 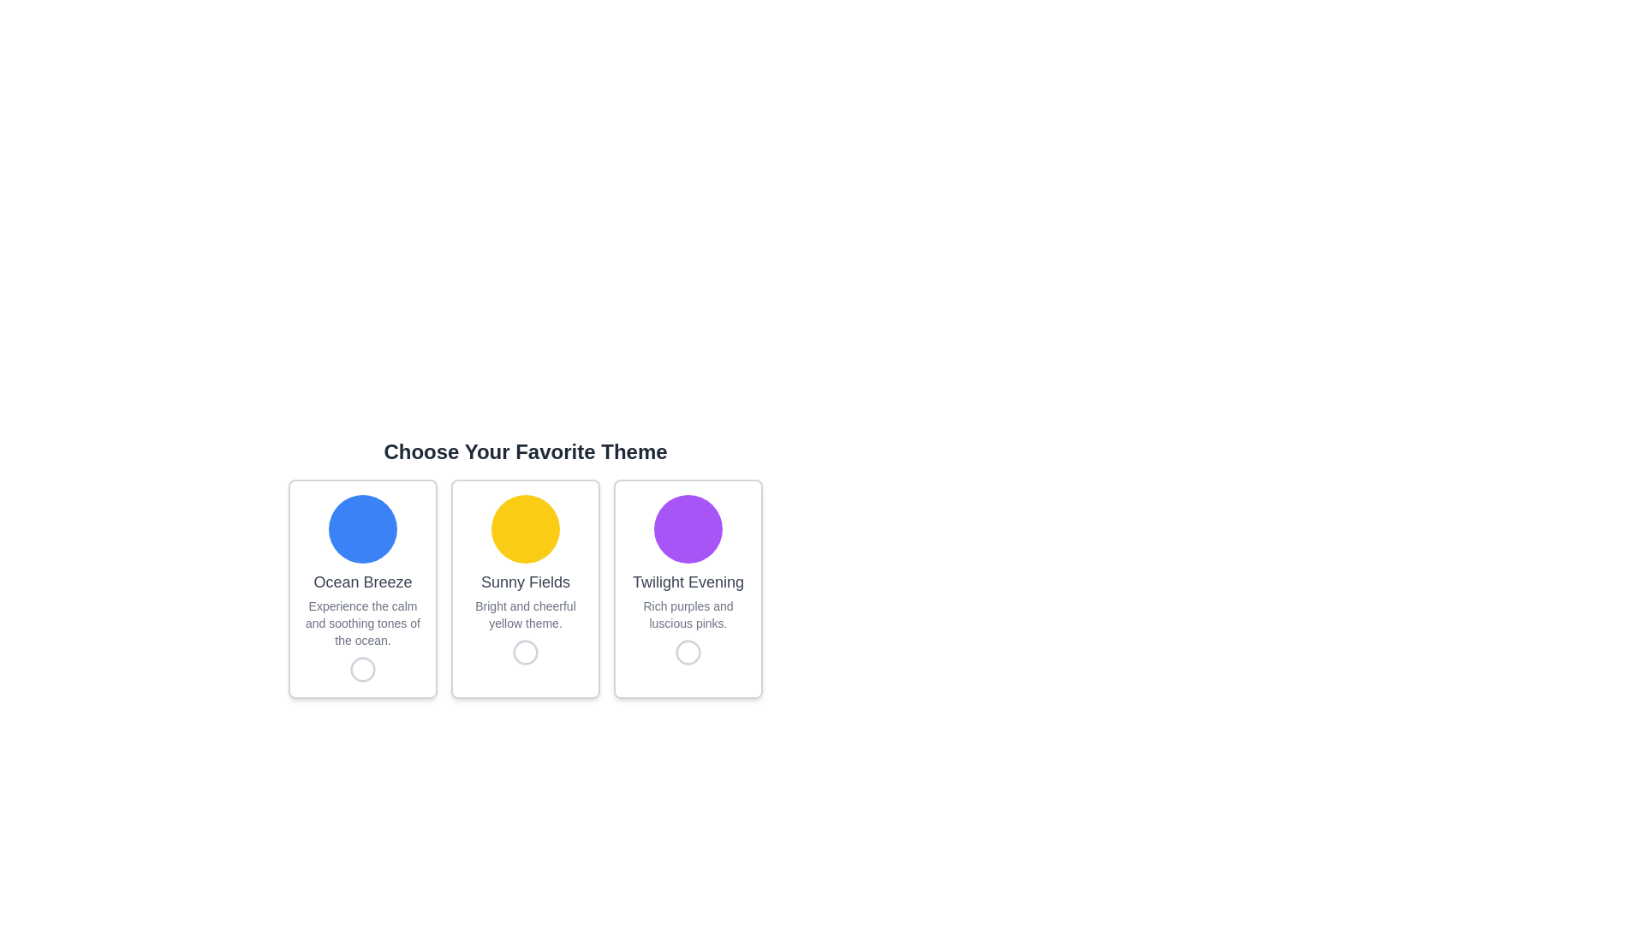 What do you see at coordinates (688, 528) in the screenshot?
I see `the circular decorative element within the 'Twilight Evening' card that visually represents the theme` at bounding box center [688, 528].